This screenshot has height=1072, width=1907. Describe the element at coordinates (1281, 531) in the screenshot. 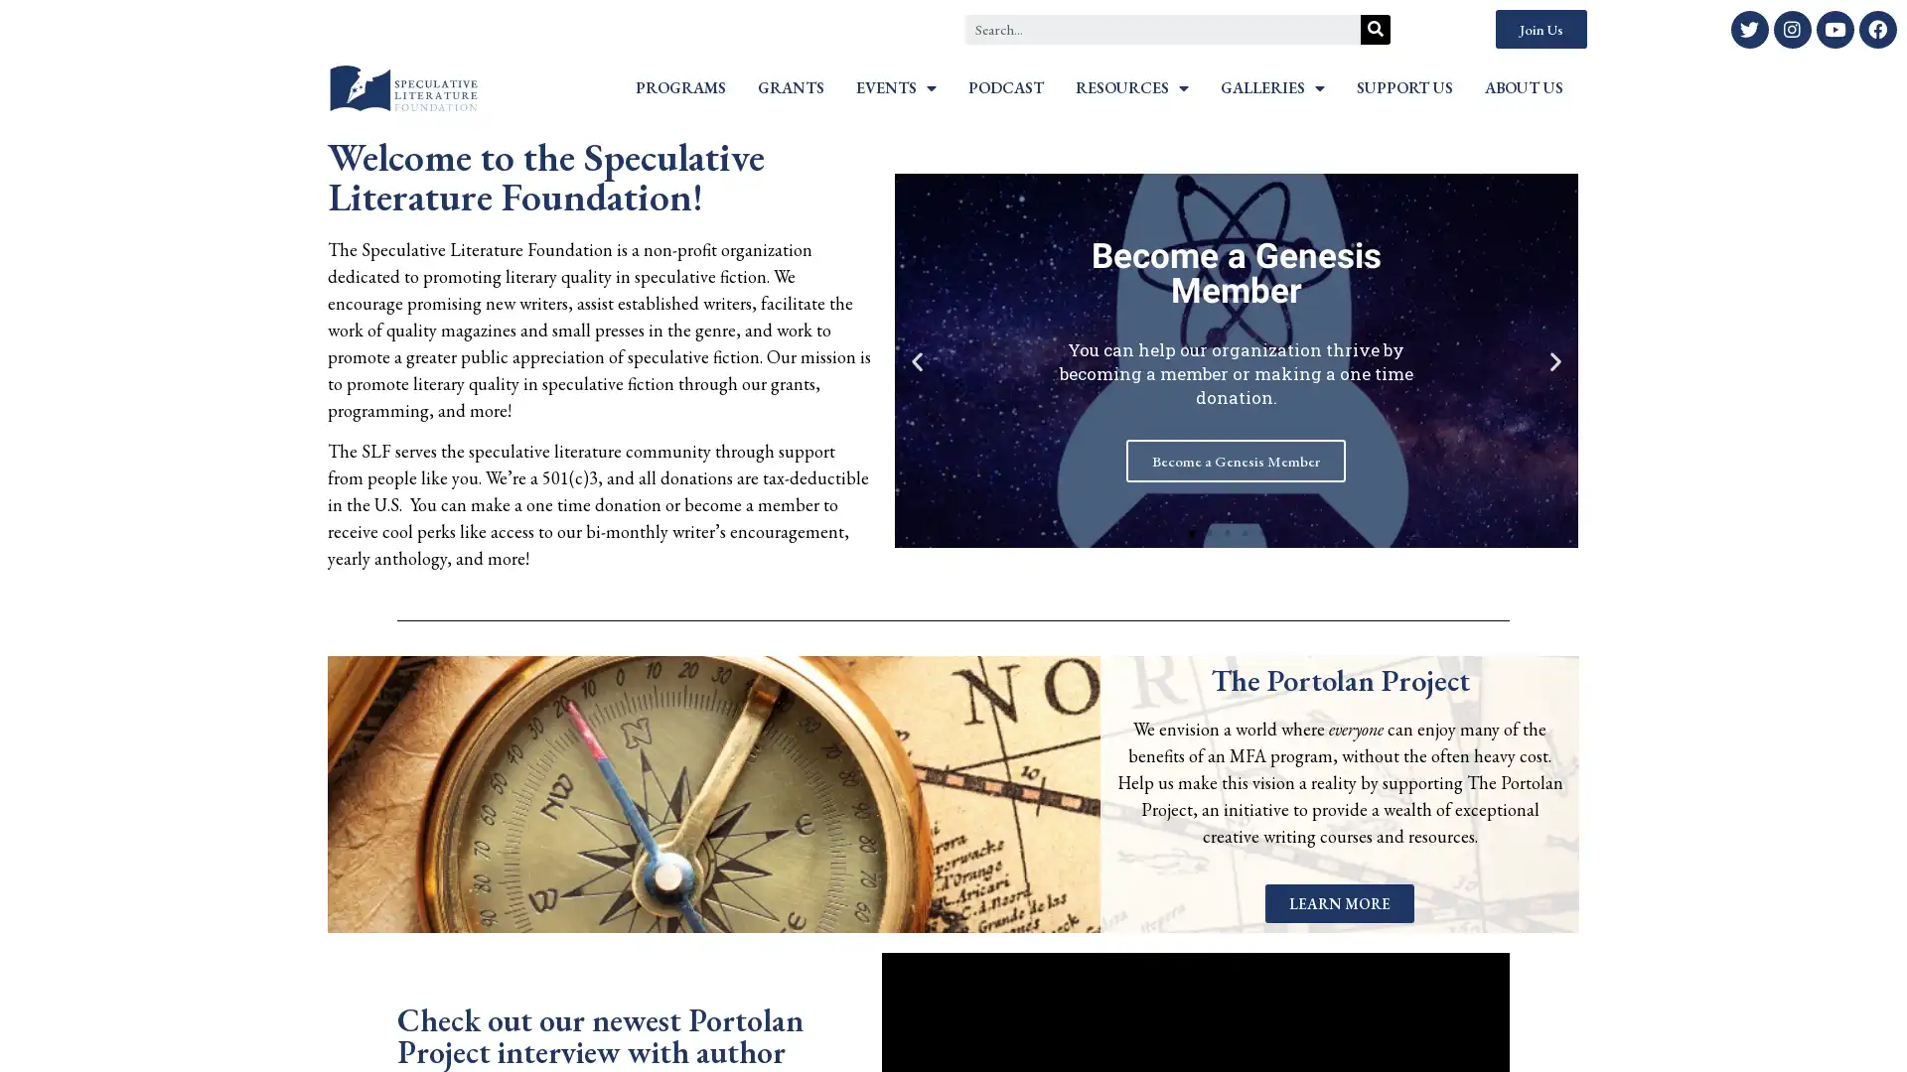

I see `Go to slide 6` at that location.